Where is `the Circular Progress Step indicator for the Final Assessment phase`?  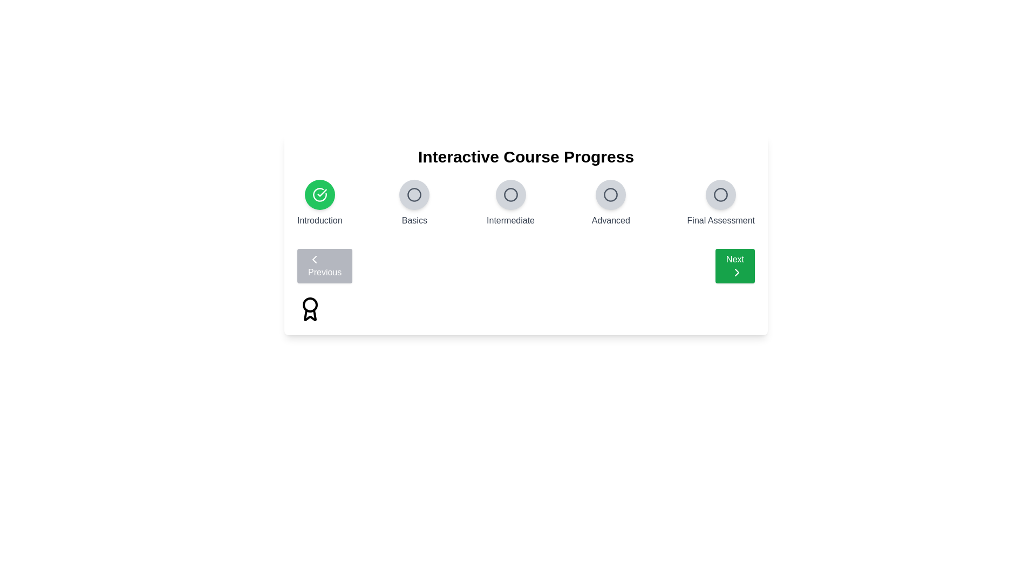 the Circular Progress Step indicator for the Final Assessment phase is located at coordinates (720, 195).